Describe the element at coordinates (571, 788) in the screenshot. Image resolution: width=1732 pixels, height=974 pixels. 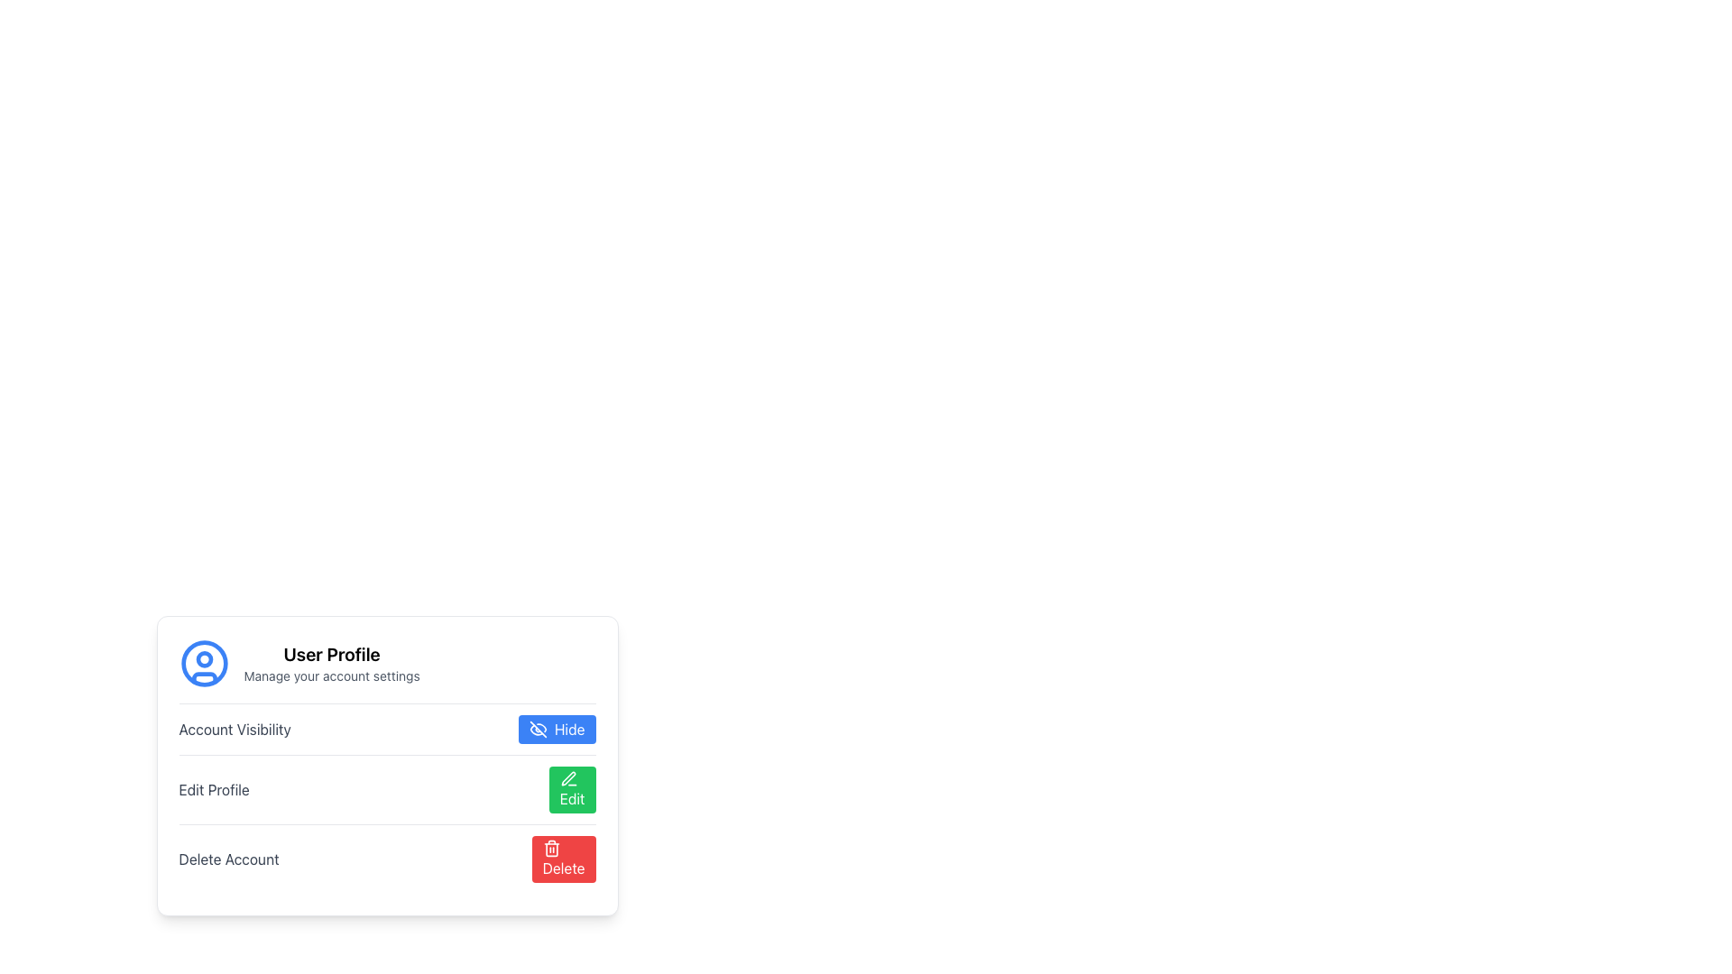
I see `the edit button located to the right of the 'Edit Profile' text` at that location.